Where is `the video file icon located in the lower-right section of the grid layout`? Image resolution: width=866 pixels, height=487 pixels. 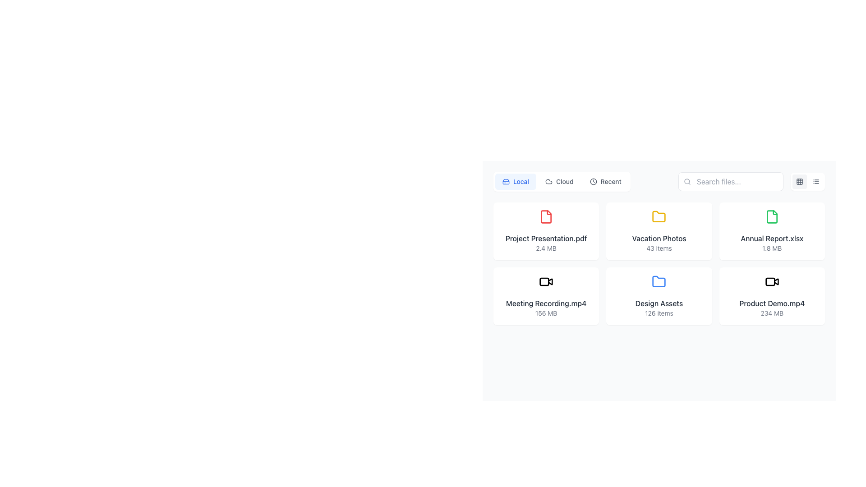 the video file icon located in the lower-right section of the grid layout is located at coordinates (776, 281).